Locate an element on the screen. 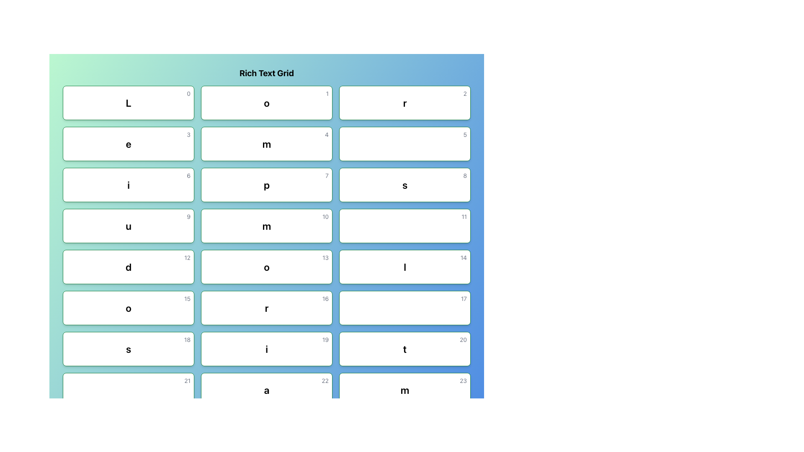 The image size is (804, 452). the text display element that shows the character 'o' in the fourth row and first column of a 6x4 grid layout is located at coordinates (128, 308).